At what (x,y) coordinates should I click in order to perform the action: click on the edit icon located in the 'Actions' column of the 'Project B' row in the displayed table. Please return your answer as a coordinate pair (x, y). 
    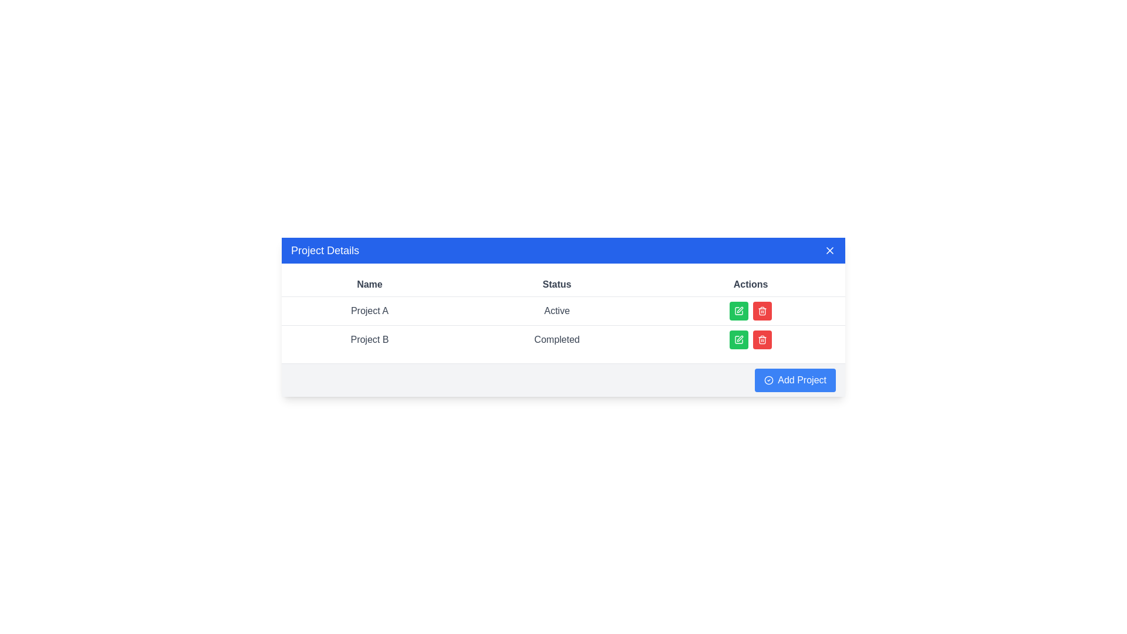
    Looking at the image, I should click on (740, 309).